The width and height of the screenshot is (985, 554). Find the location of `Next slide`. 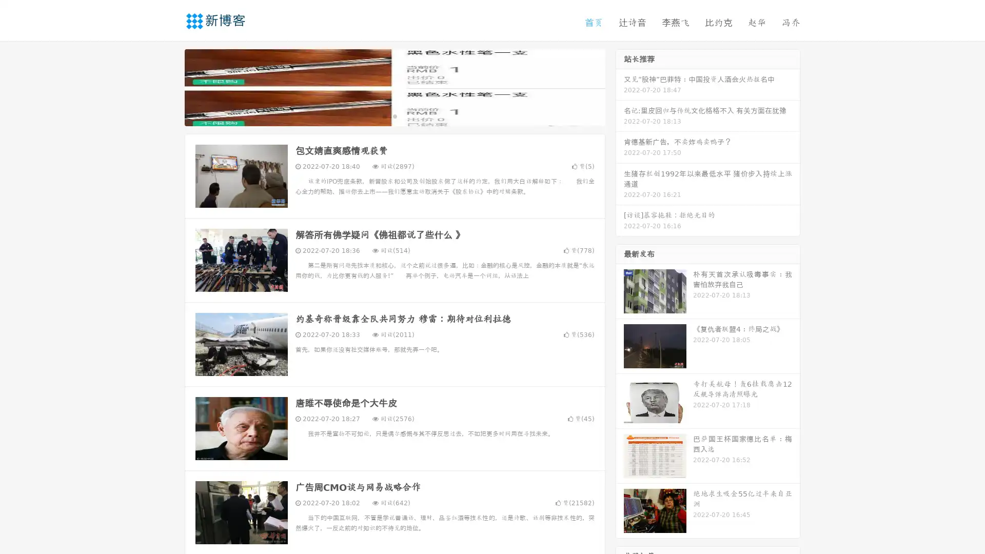

Next slide is located at coordinates (620, 86).